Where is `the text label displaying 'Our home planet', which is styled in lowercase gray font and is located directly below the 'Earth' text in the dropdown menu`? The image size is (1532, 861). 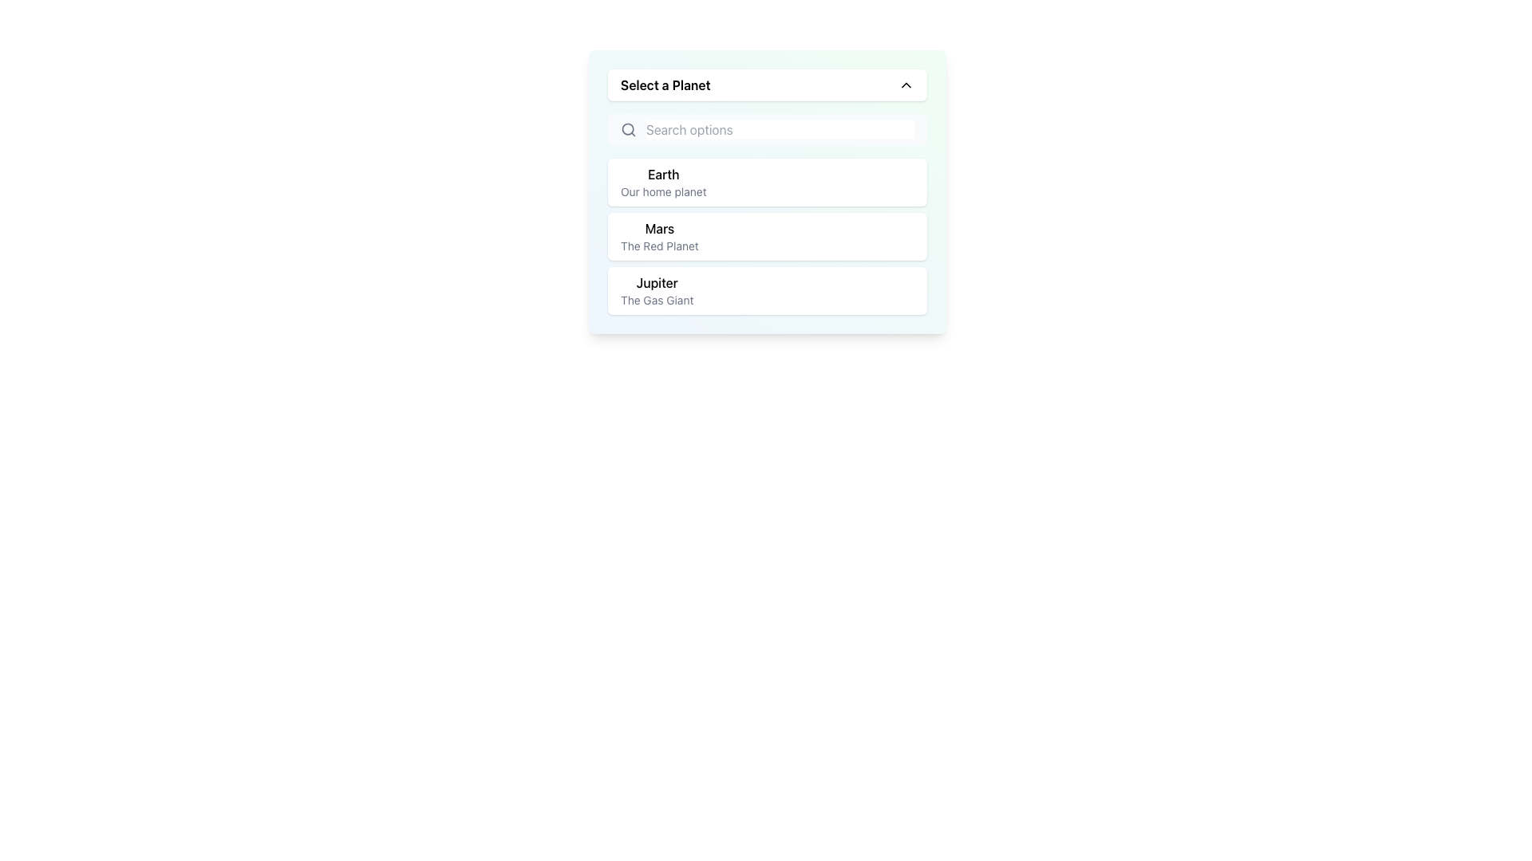
the text label displaying 'Our home planet', which is styled in lowercase gray font and is located directly below the 'Earth' text in the dropdown menu is located at coordinates (663, 191).